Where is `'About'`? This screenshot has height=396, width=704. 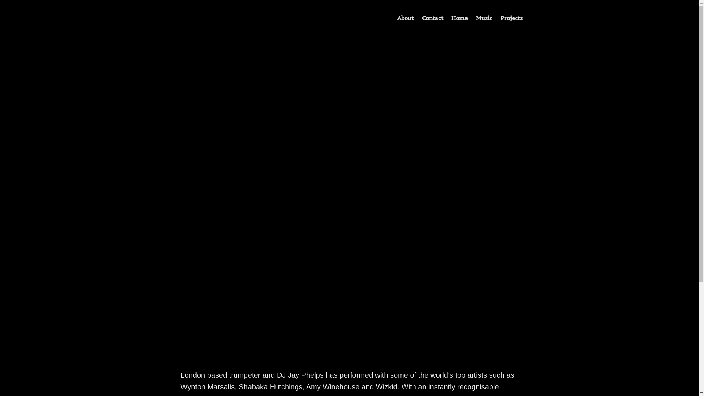 'About' is located at coordinates (405, 17).